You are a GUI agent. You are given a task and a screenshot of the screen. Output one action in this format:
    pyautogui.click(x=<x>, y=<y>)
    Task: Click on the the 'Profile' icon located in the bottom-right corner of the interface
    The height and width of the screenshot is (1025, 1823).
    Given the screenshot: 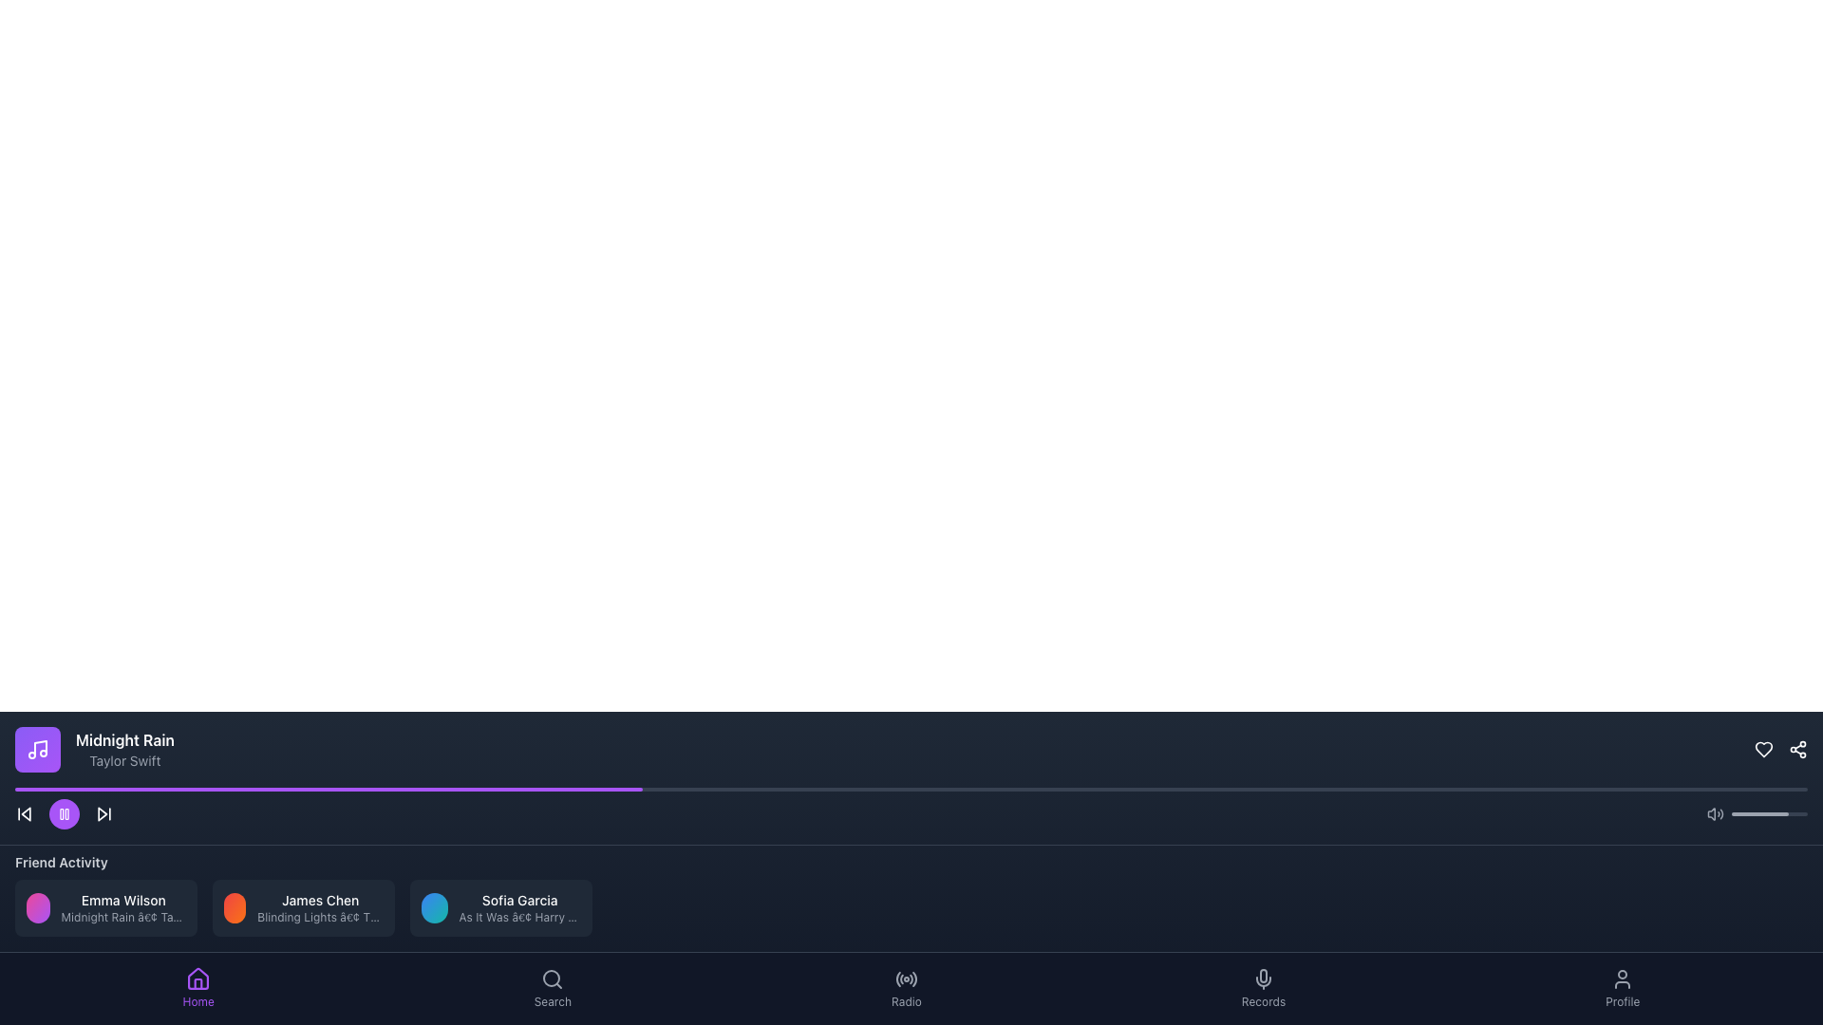 What is the action you would take?
    pyautogui.click(x=1622, y=979)
    